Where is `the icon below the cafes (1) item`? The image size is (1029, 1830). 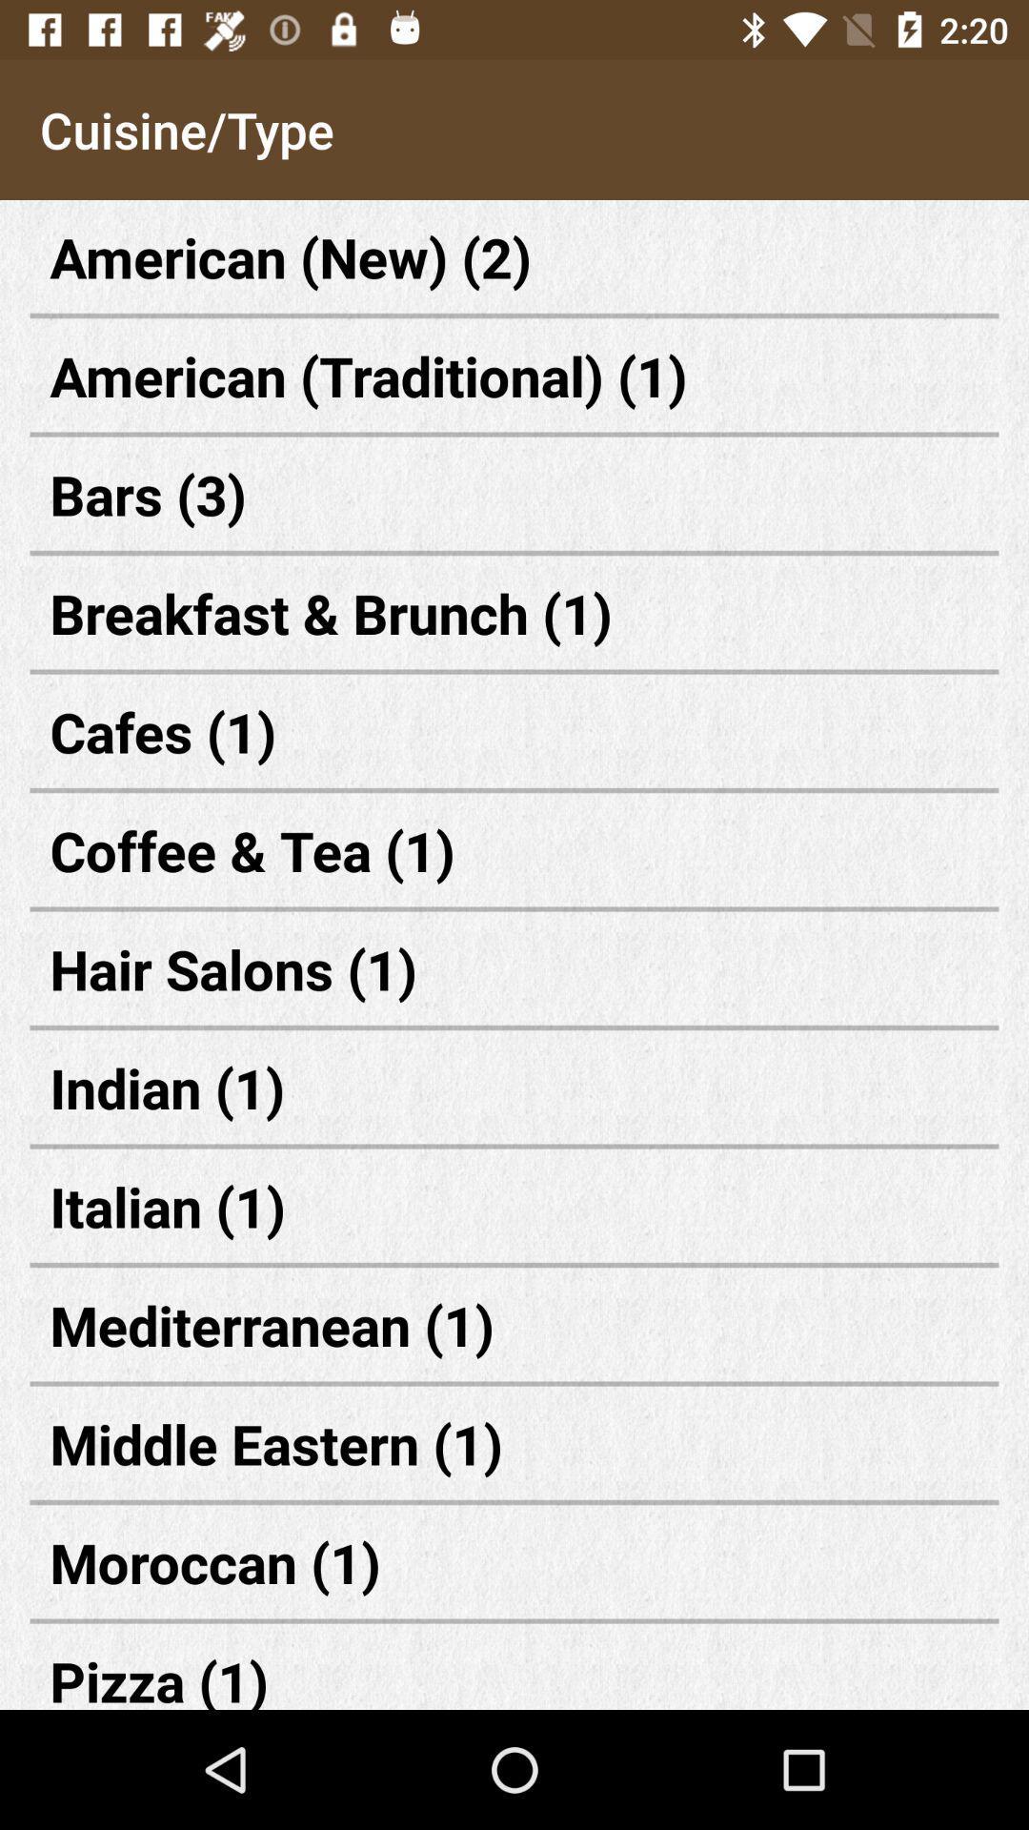 the icon below the cafes (1) item is located at coordinates (514, 849).